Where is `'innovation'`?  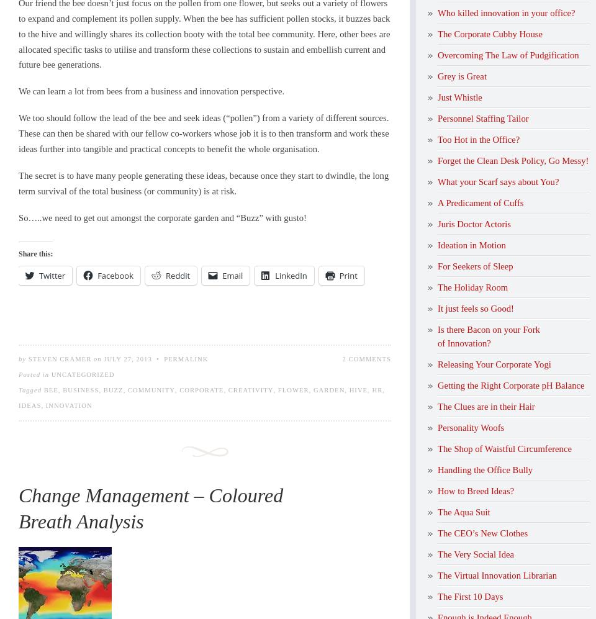 'innovation' is located at coordinates (68, 405).